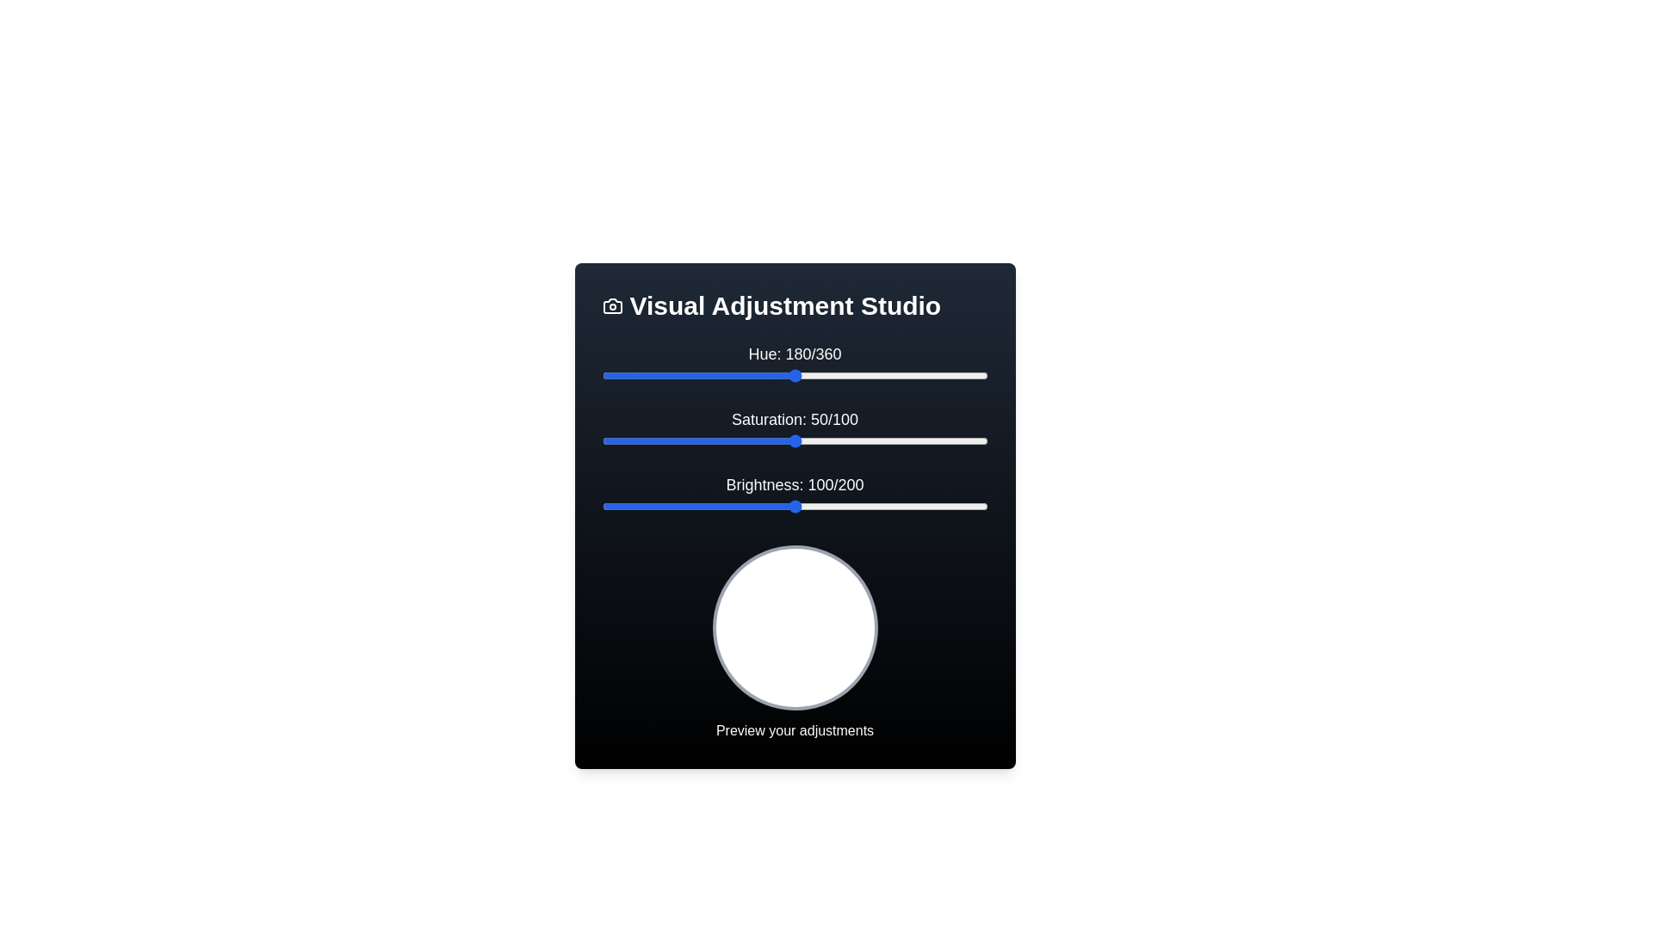  I want to click on the icon in the header of the Visual Adjustment Studio, so click(612, 305).